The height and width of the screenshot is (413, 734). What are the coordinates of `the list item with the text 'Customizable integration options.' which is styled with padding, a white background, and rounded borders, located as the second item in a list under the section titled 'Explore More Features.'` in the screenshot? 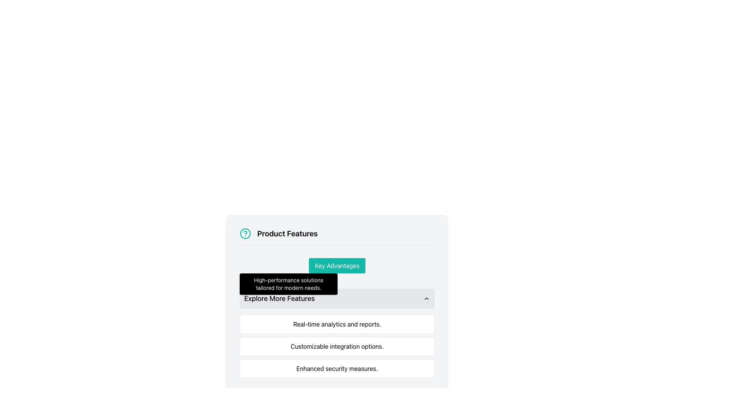 It's located at (337, 346).